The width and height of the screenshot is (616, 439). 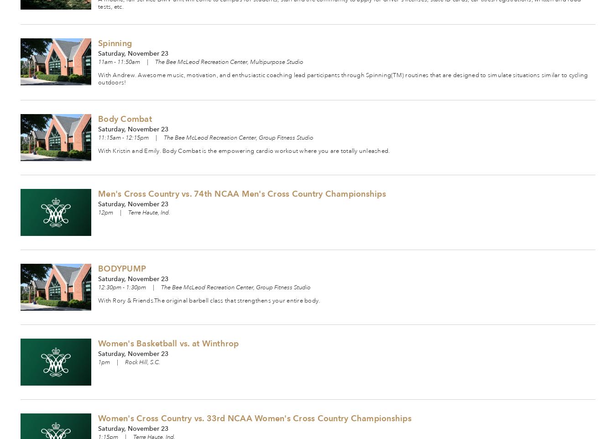 I want to click on 'The Bee McLeod Recreation Center, Multipurpose Studio', so click(x=229, y=62).